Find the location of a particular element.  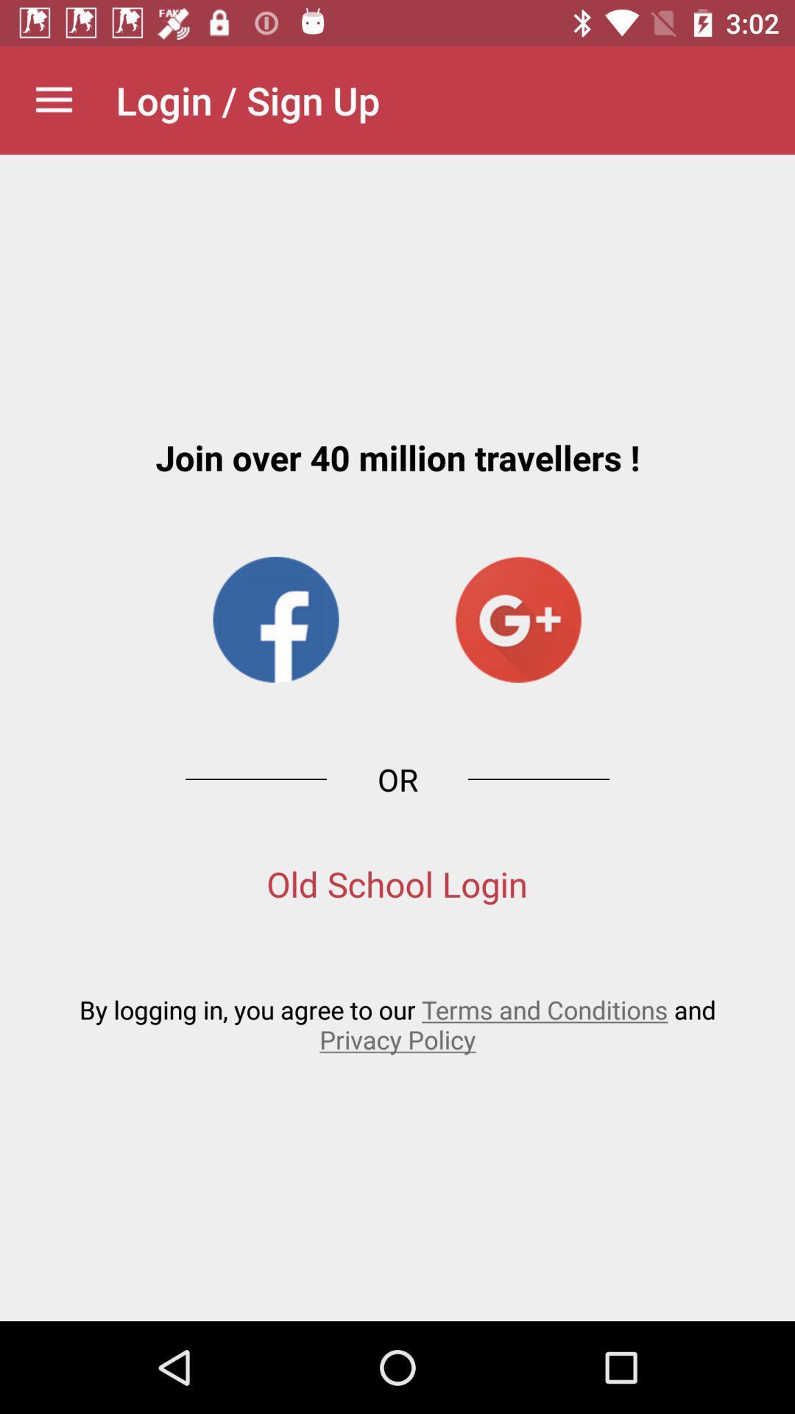

item above the or is located at coordinates (517, 619).